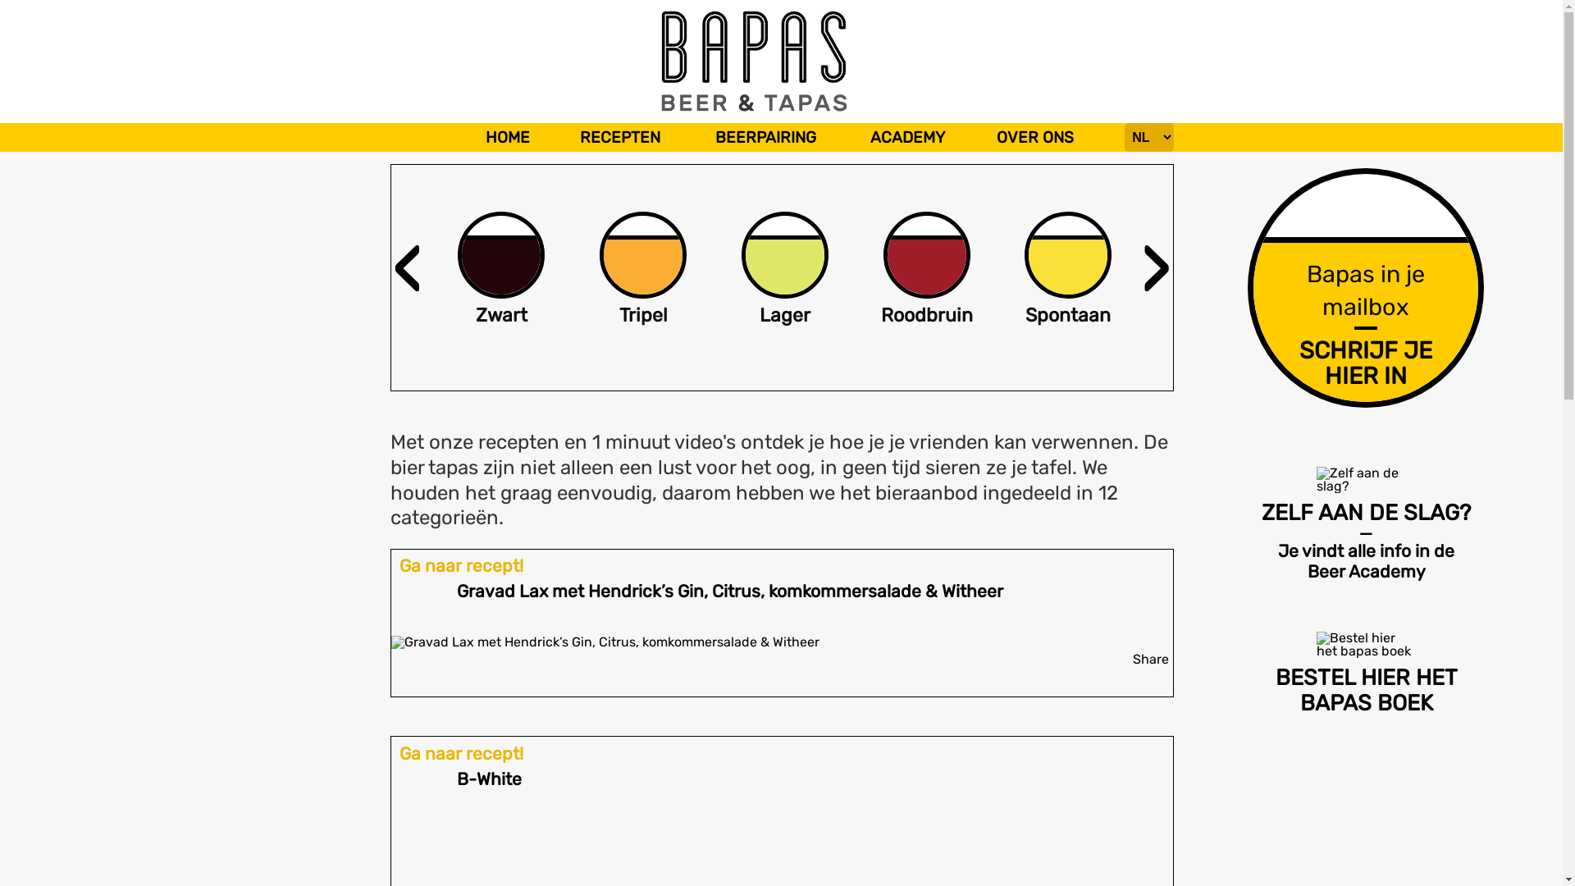  I want to click on 'Ga naar recept!', so click(460, 753).